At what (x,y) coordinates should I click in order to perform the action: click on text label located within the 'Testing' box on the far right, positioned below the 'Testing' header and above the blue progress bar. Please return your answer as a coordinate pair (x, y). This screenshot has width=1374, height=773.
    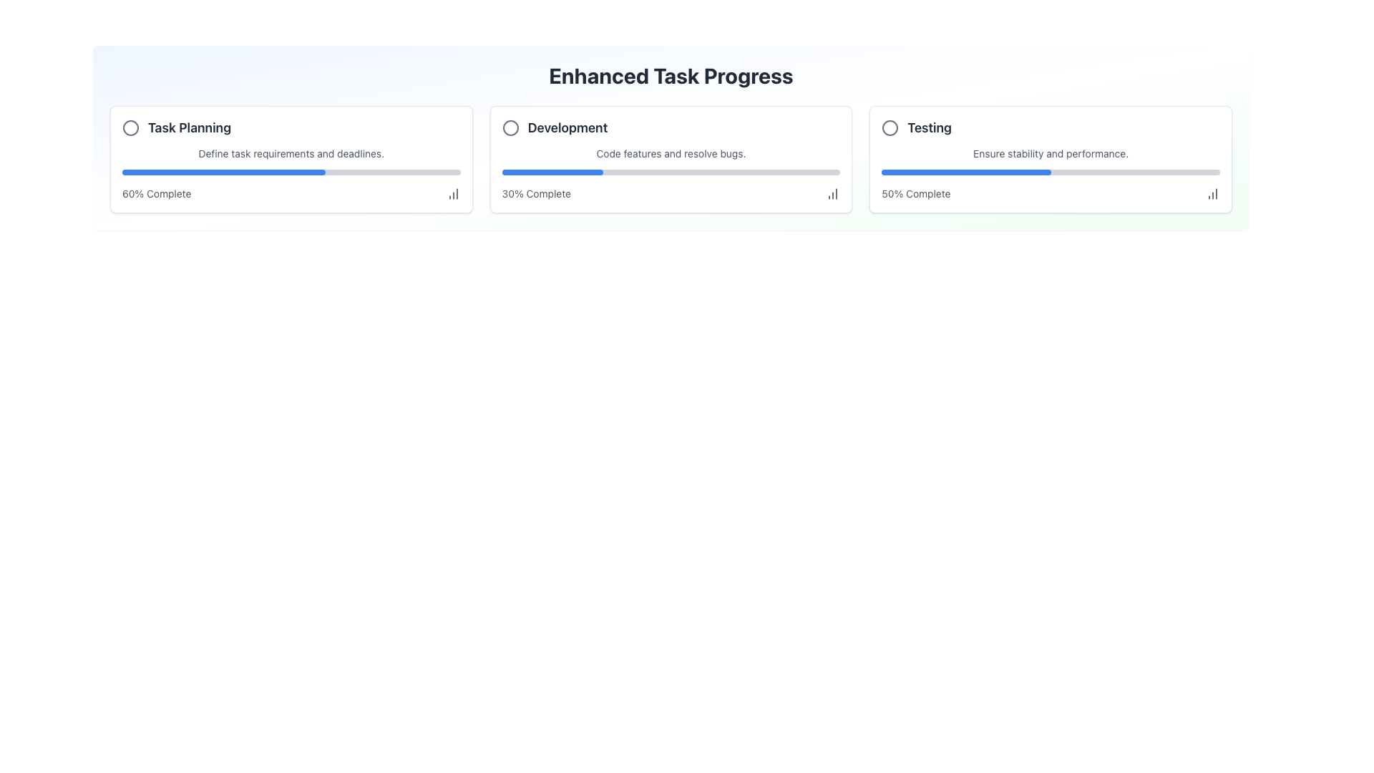
    Looking at the image, I should click on (1051, 154).